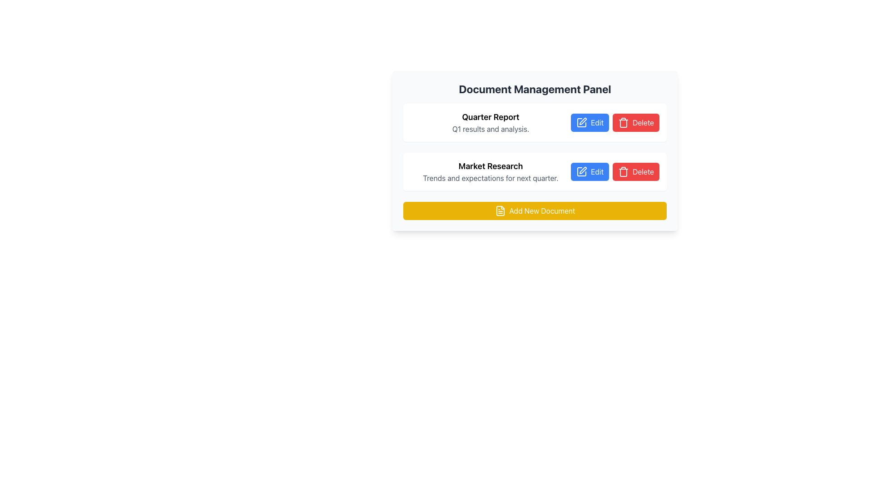 This screenshot has height=491, width=872. Describe the element at coordinates (582, 123) in the screenshot. I see `the edit icon resembling a pen over a square with blue fill and white outlines, located in the upper-right section of the 'Edit' button for the 'Quarter Report' entry` at that location.